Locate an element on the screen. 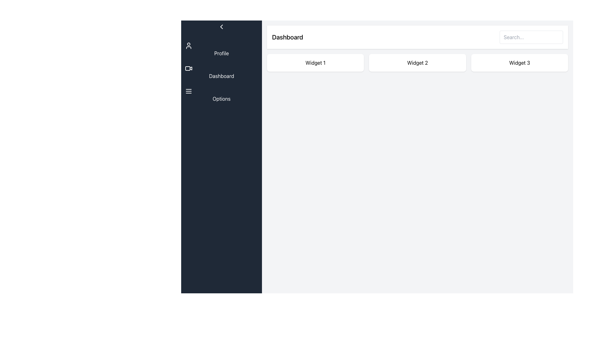  the video play button icon located in the left sidebar, which is the second icon from the top, slightly below the user profile icon is located at coordinates (190, 68).